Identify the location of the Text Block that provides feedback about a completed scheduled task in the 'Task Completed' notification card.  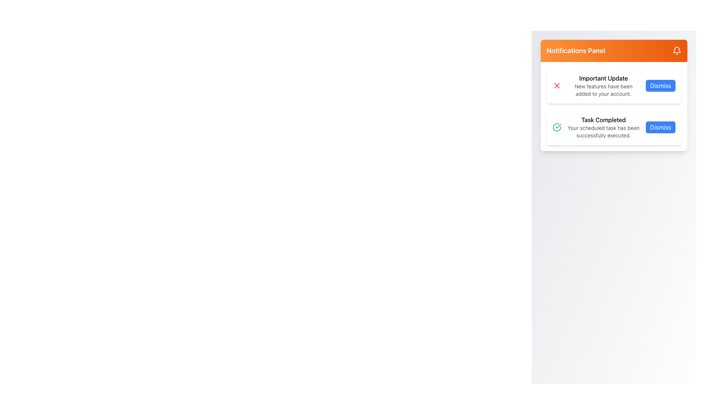
(603, 127).